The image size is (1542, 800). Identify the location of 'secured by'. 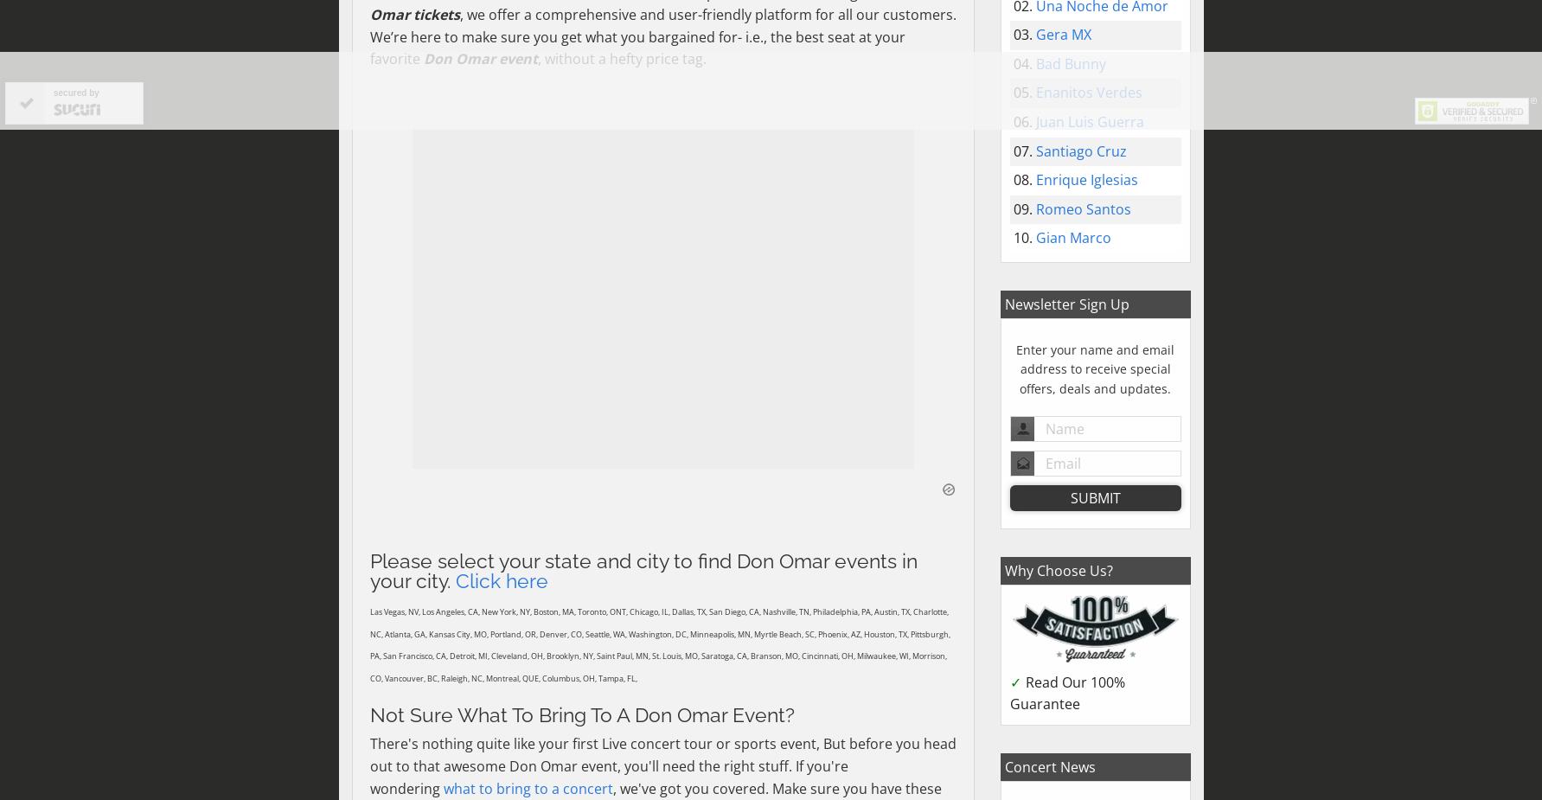
(76, 92).